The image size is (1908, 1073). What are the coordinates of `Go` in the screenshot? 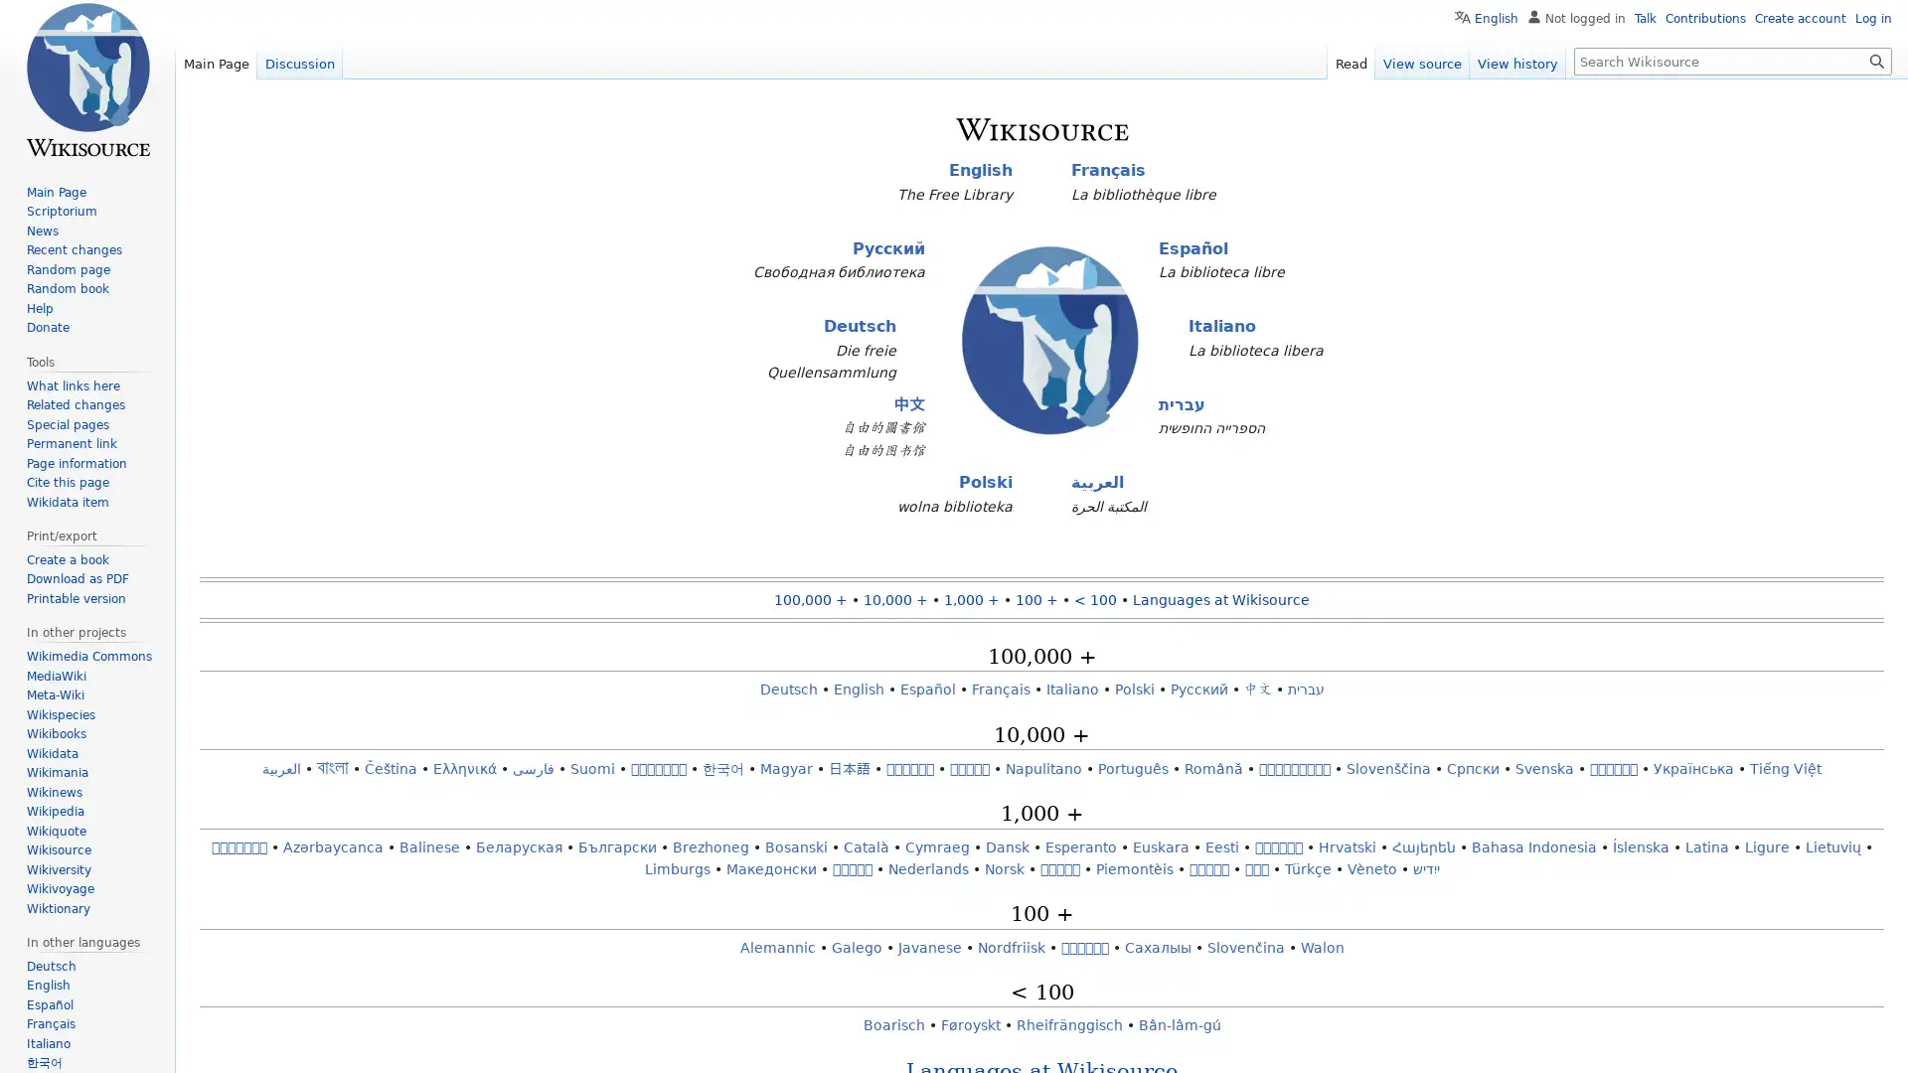 It's located at (1876, 60).